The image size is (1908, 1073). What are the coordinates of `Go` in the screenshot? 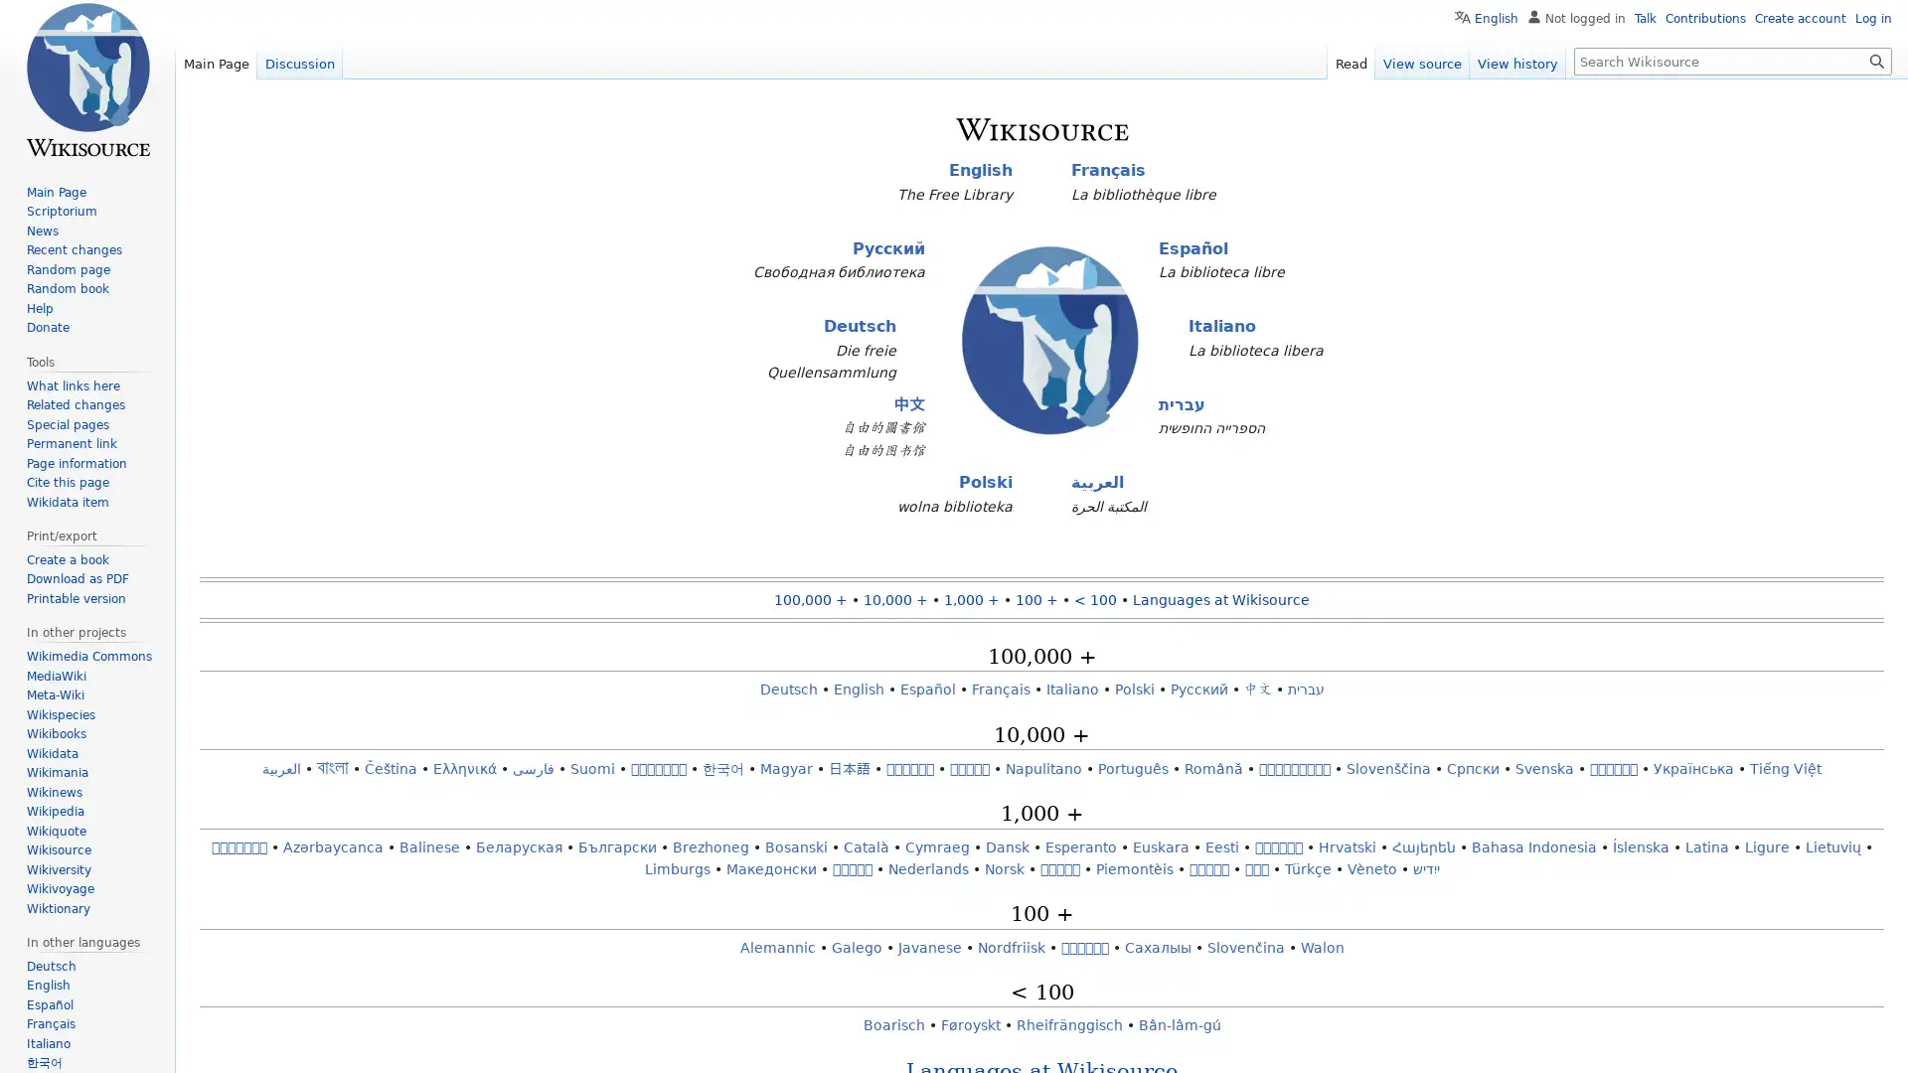 It's located at (1876, 60).